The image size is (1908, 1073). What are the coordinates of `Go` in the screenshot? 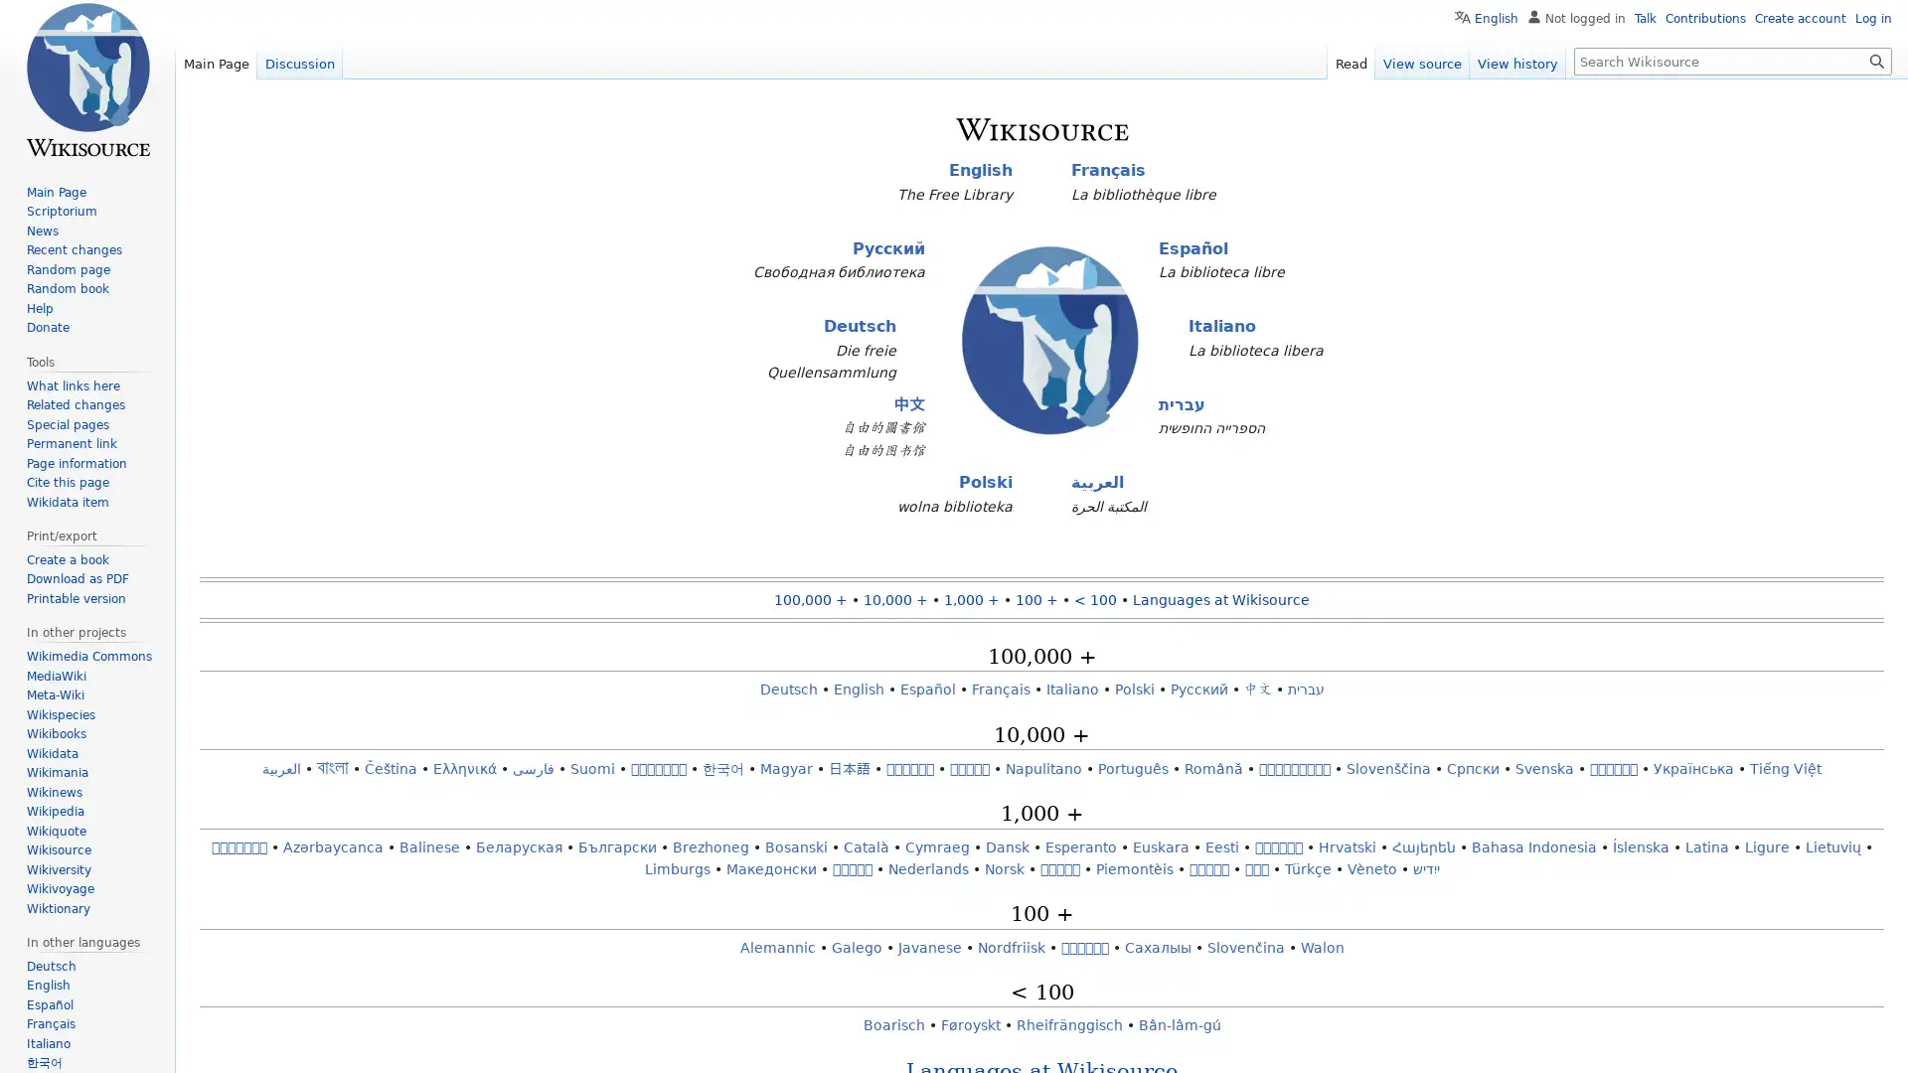 It's located at (1876, 60).